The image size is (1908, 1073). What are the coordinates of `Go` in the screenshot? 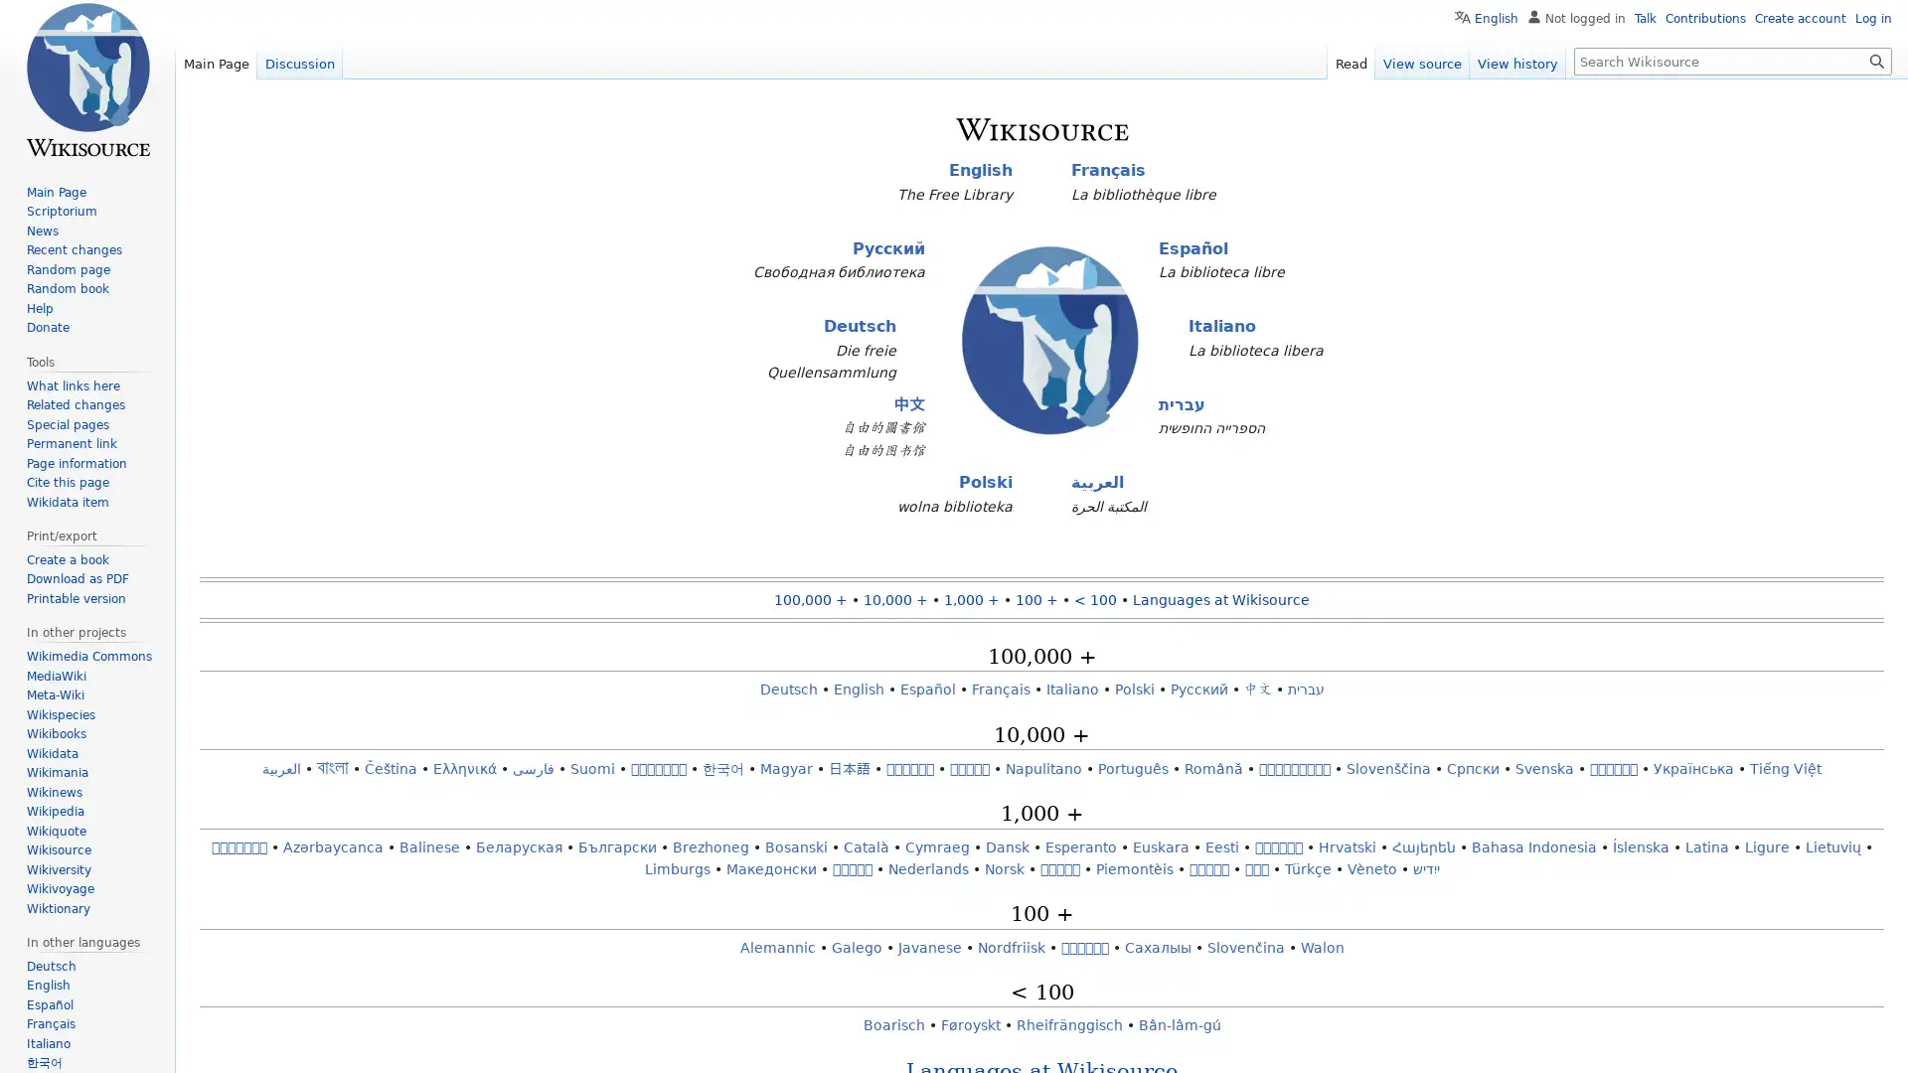 It's located at (1876, 60).